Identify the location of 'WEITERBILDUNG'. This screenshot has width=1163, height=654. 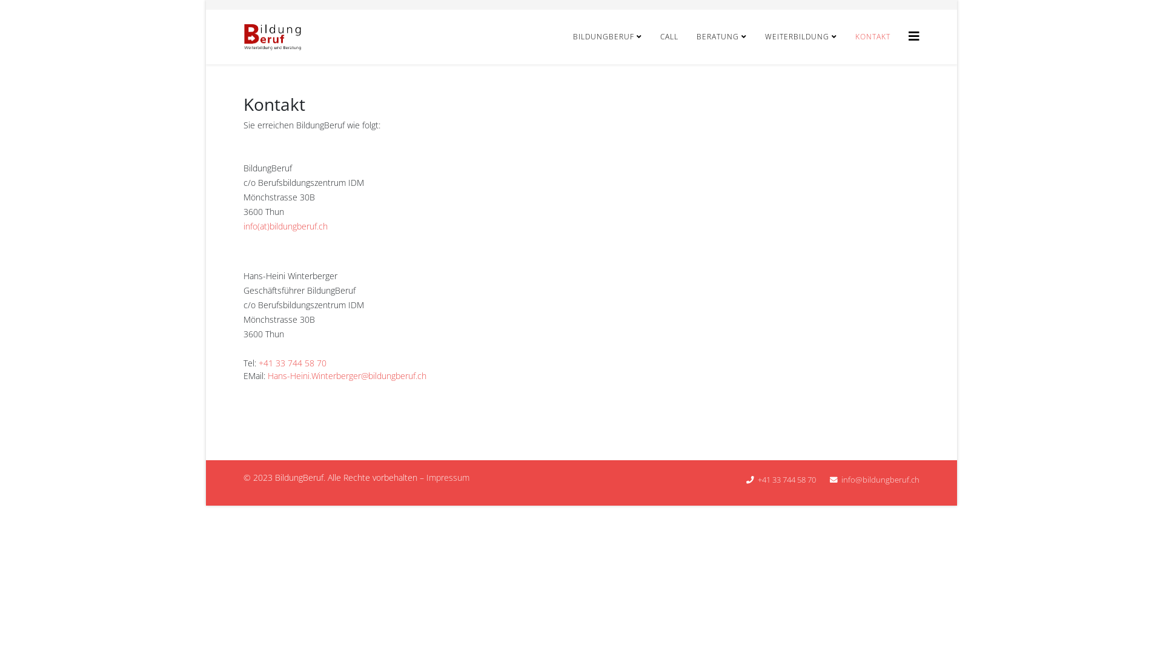
(801, 36).